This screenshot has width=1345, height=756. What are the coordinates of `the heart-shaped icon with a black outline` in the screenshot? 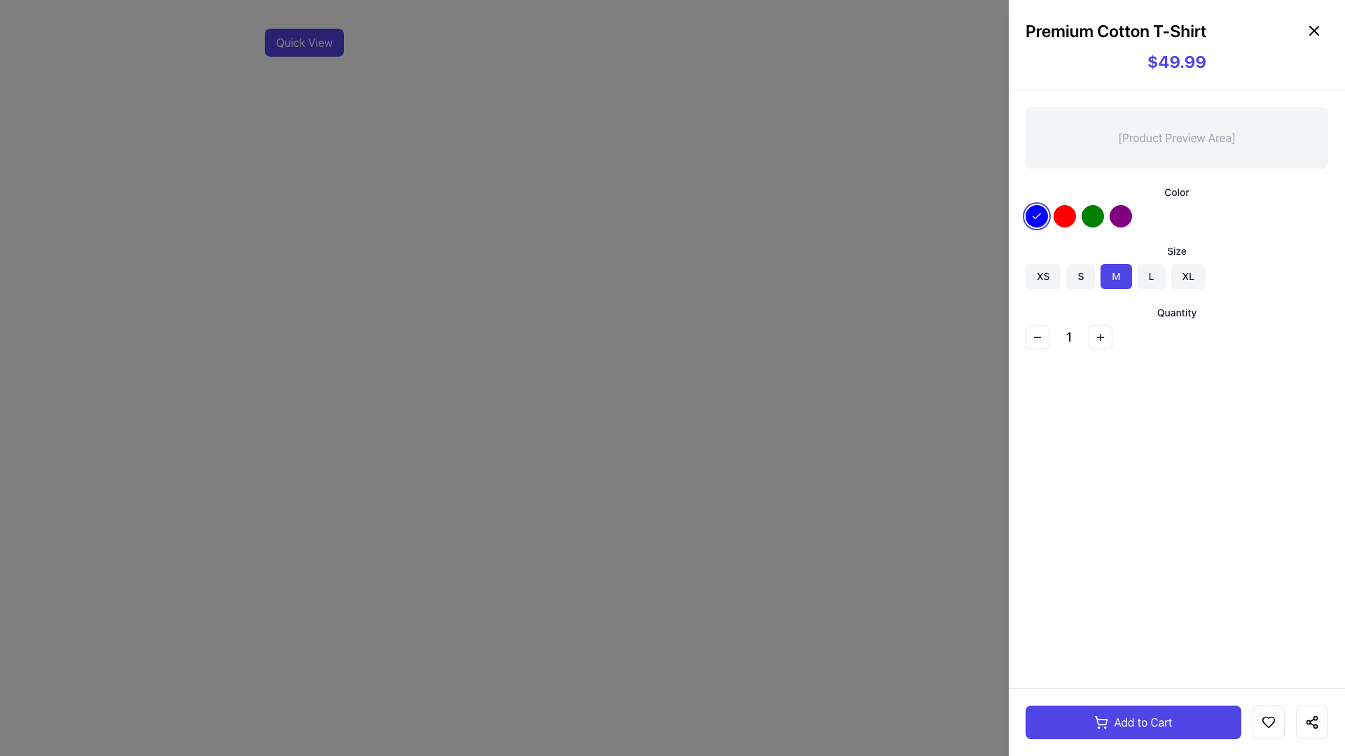 It's located at (1268, 722).